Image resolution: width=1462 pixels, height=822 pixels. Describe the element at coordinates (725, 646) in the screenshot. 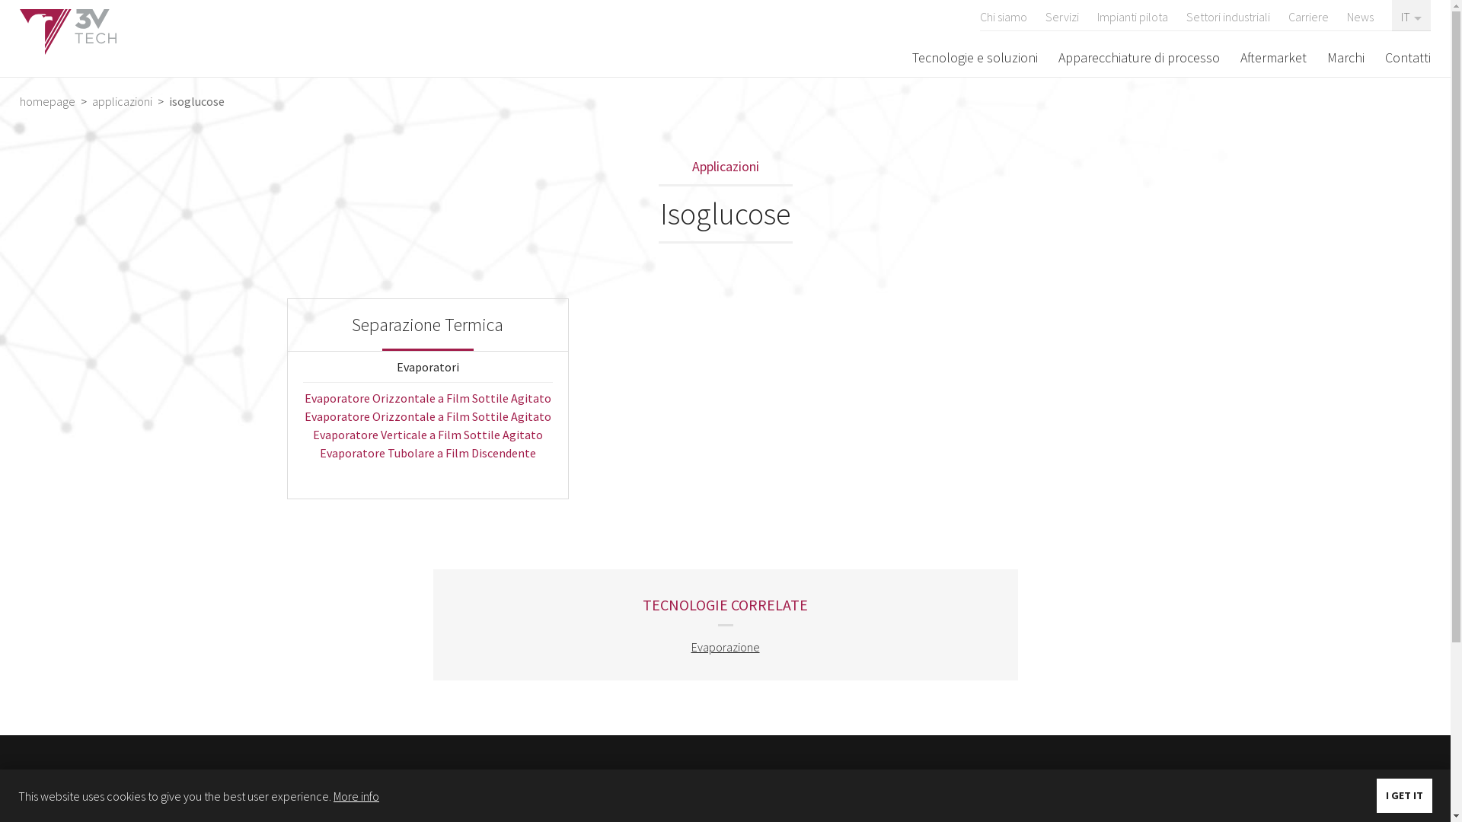

I see `'Evaporazione'` at that location.